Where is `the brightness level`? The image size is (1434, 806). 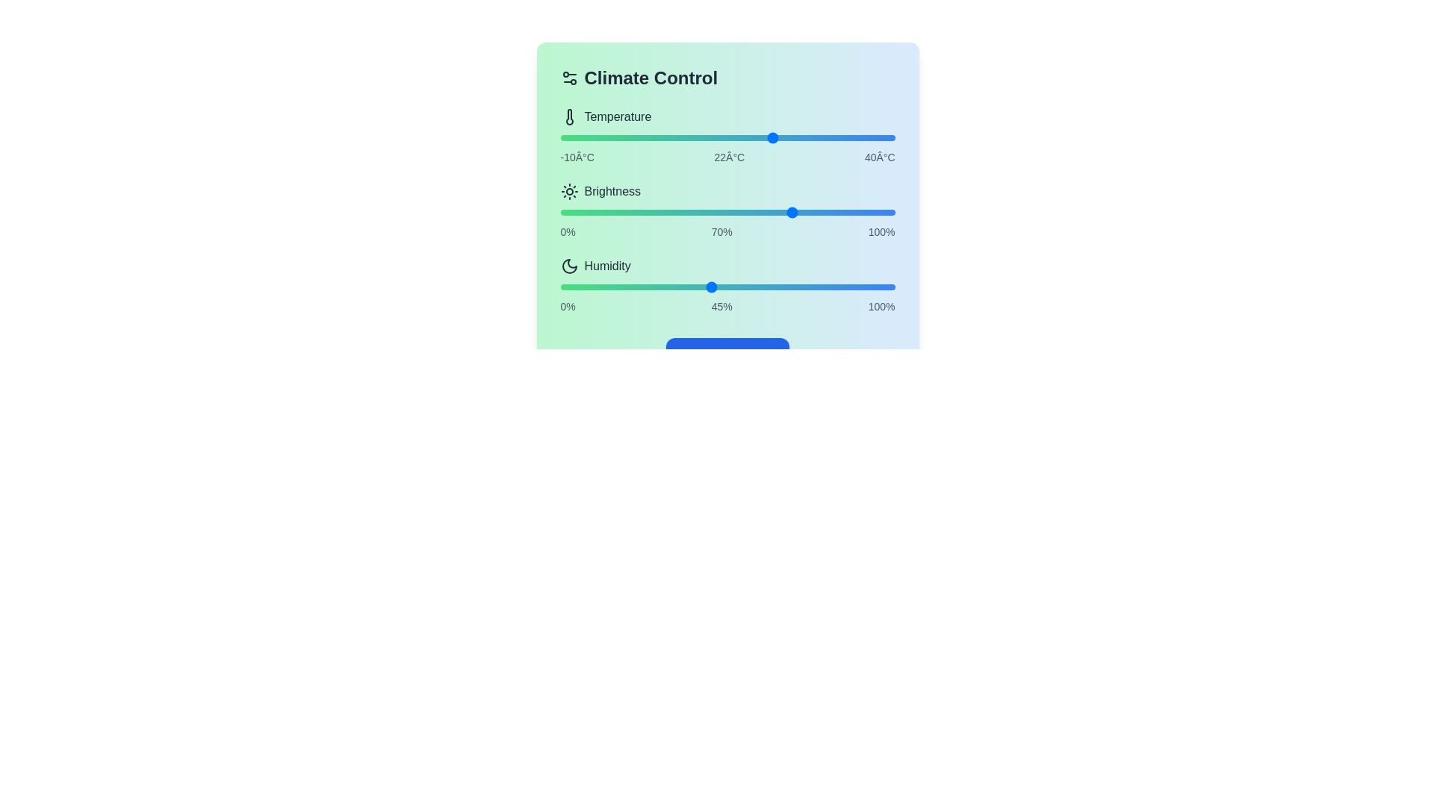 the brightness level is located at coordinates (771, 213).